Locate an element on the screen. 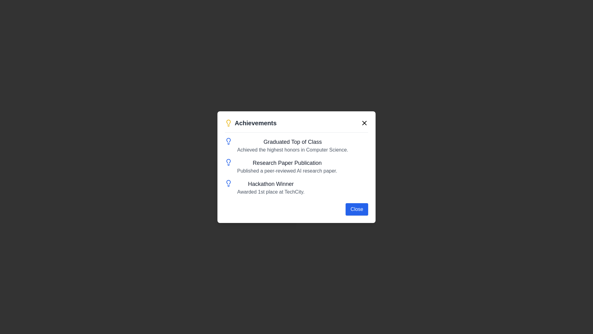 The width and height of the screenshot is (593, 334). the text label displaying 'Research Paper Publication', which is part of a vertical list in a modal window, positioned below 'Graduated Top of Class' and above 'Hackathon Winner' is located at coordinates (287, 162).